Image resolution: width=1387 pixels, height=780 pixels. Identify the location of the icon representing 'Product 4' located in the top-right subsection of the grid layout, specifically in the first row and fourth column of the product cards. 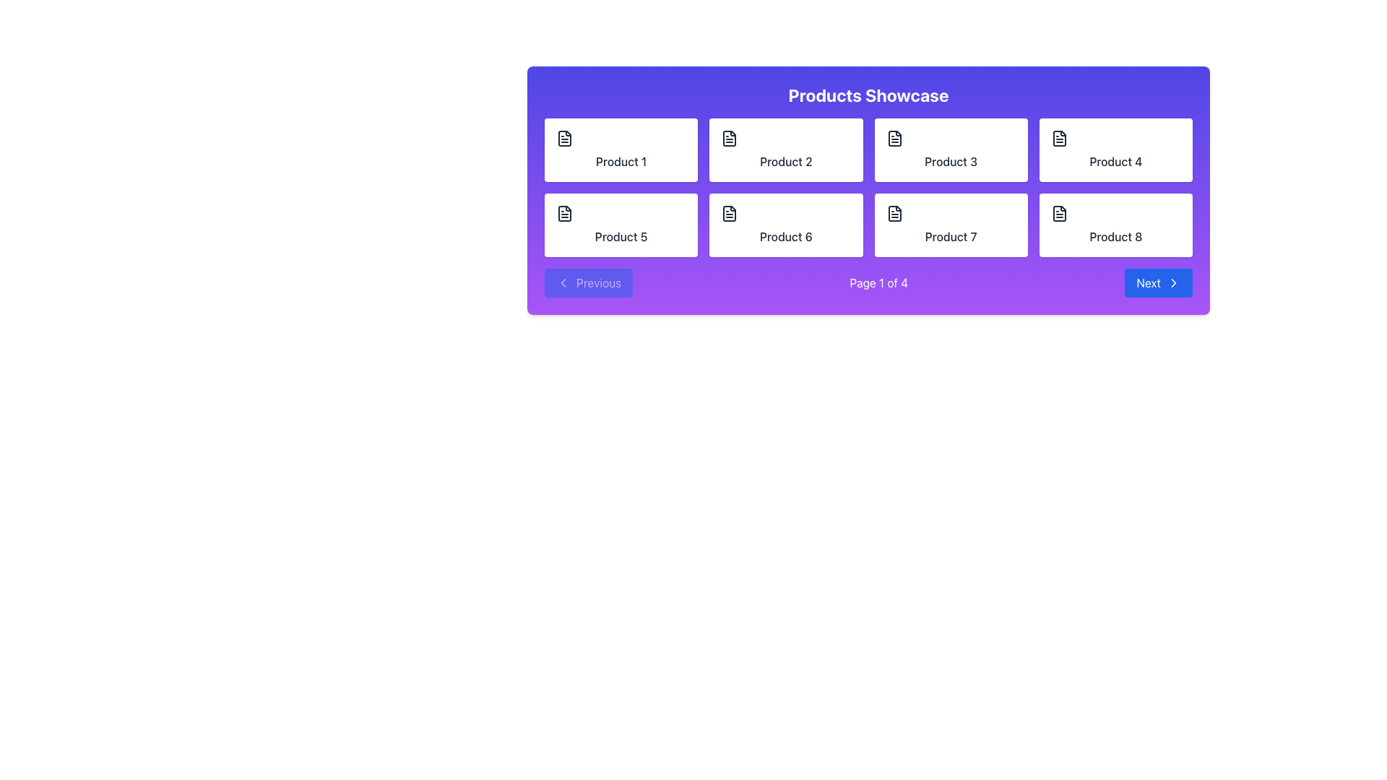
(1059, 139).